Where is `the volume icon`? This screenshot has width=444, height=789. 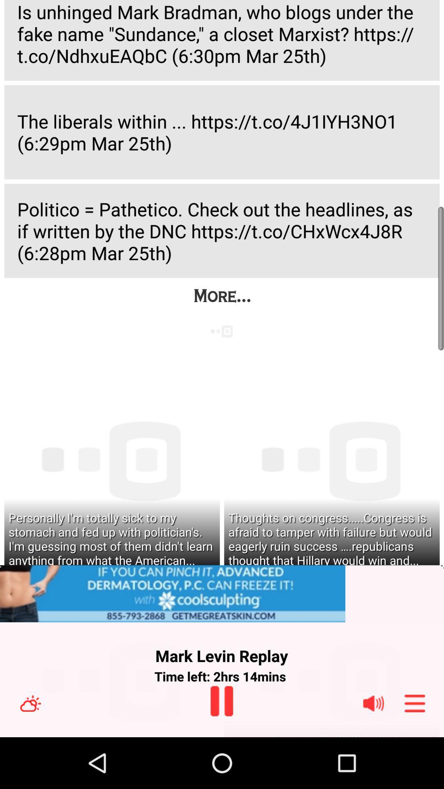
the volume icon is located at coordinates (373, 753).